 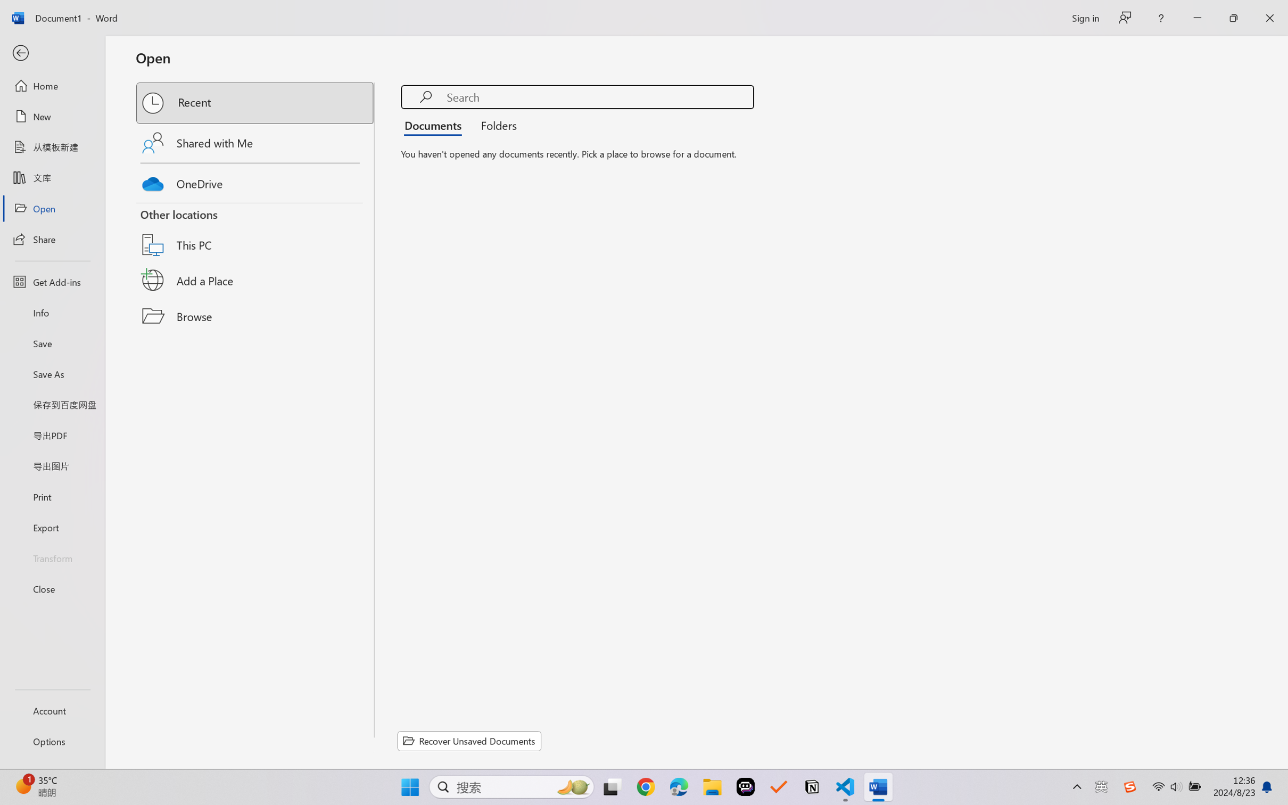 I want to click on 'Get Add-ins', so click(x=52, y=281).